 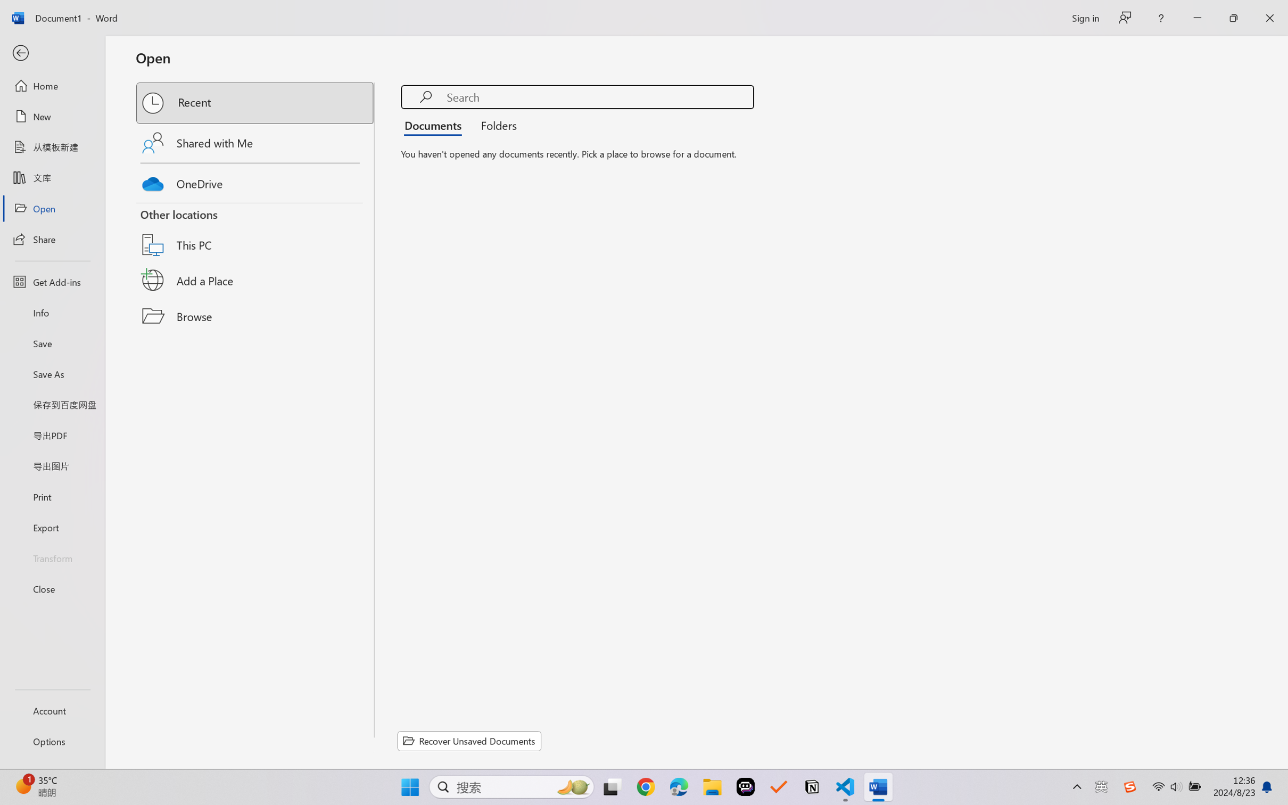 I want to click on 'Get Add-ins', so click(x=52, y=281).